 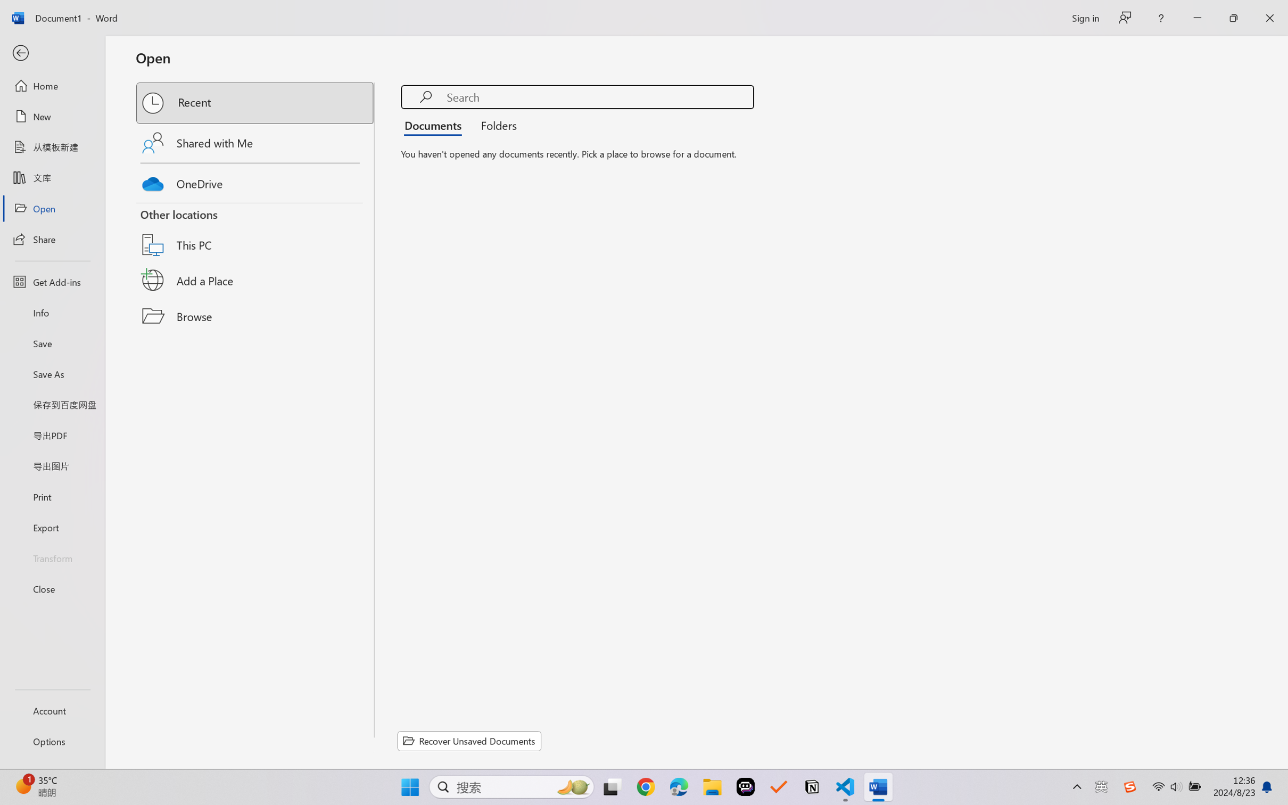 I want to click on 'Get Add-ins', so click(x=52, y=281).